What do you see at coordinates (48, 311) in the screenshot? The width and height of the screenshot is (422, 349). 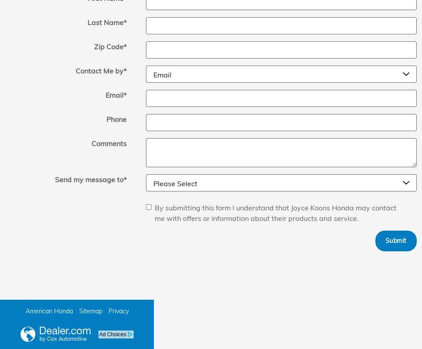 I see `'American Honda'` at bounding box center [48, 311].